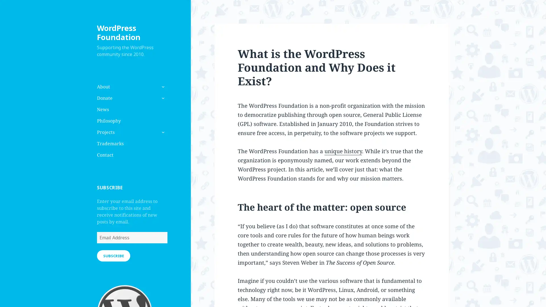 This screenshot has height=307, width=546. What do you see at coordinates (113, 255) in the screenshot?
I see `SUBSCRIBE` at bounding box center [113, 255].